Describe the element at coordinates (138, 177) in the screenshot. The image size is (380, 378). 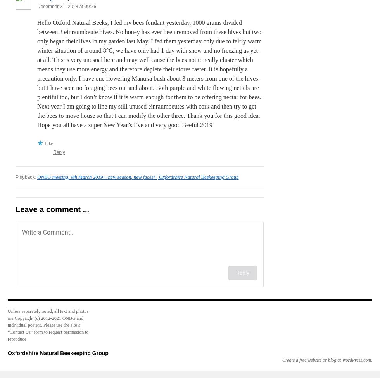
I see `'ONBG meeting, 9th March 2019 – new season, new faces! | Oxfordshire Natural Beekeeping Group'` at that location.